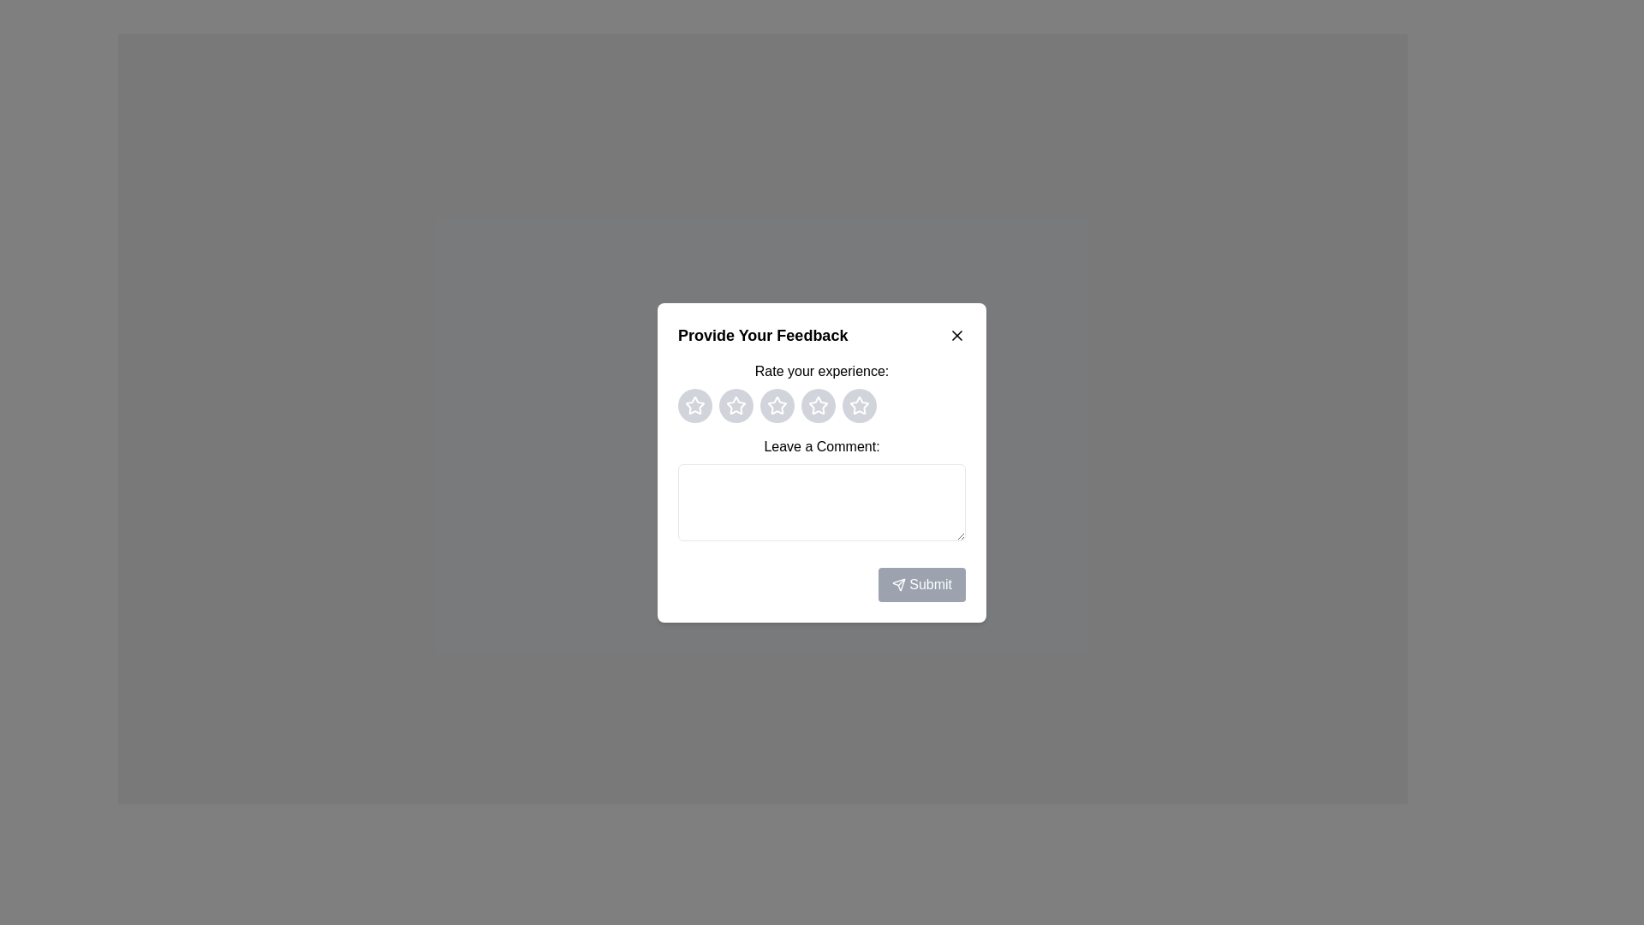 Image resolution: width=1644 pixels, height=925 pixels. Describe the element at coordinates (956, 335) in the screenshot. I see `the close icon represented as an 'X' in the top-right corner of the feedback dialog box` at that location.